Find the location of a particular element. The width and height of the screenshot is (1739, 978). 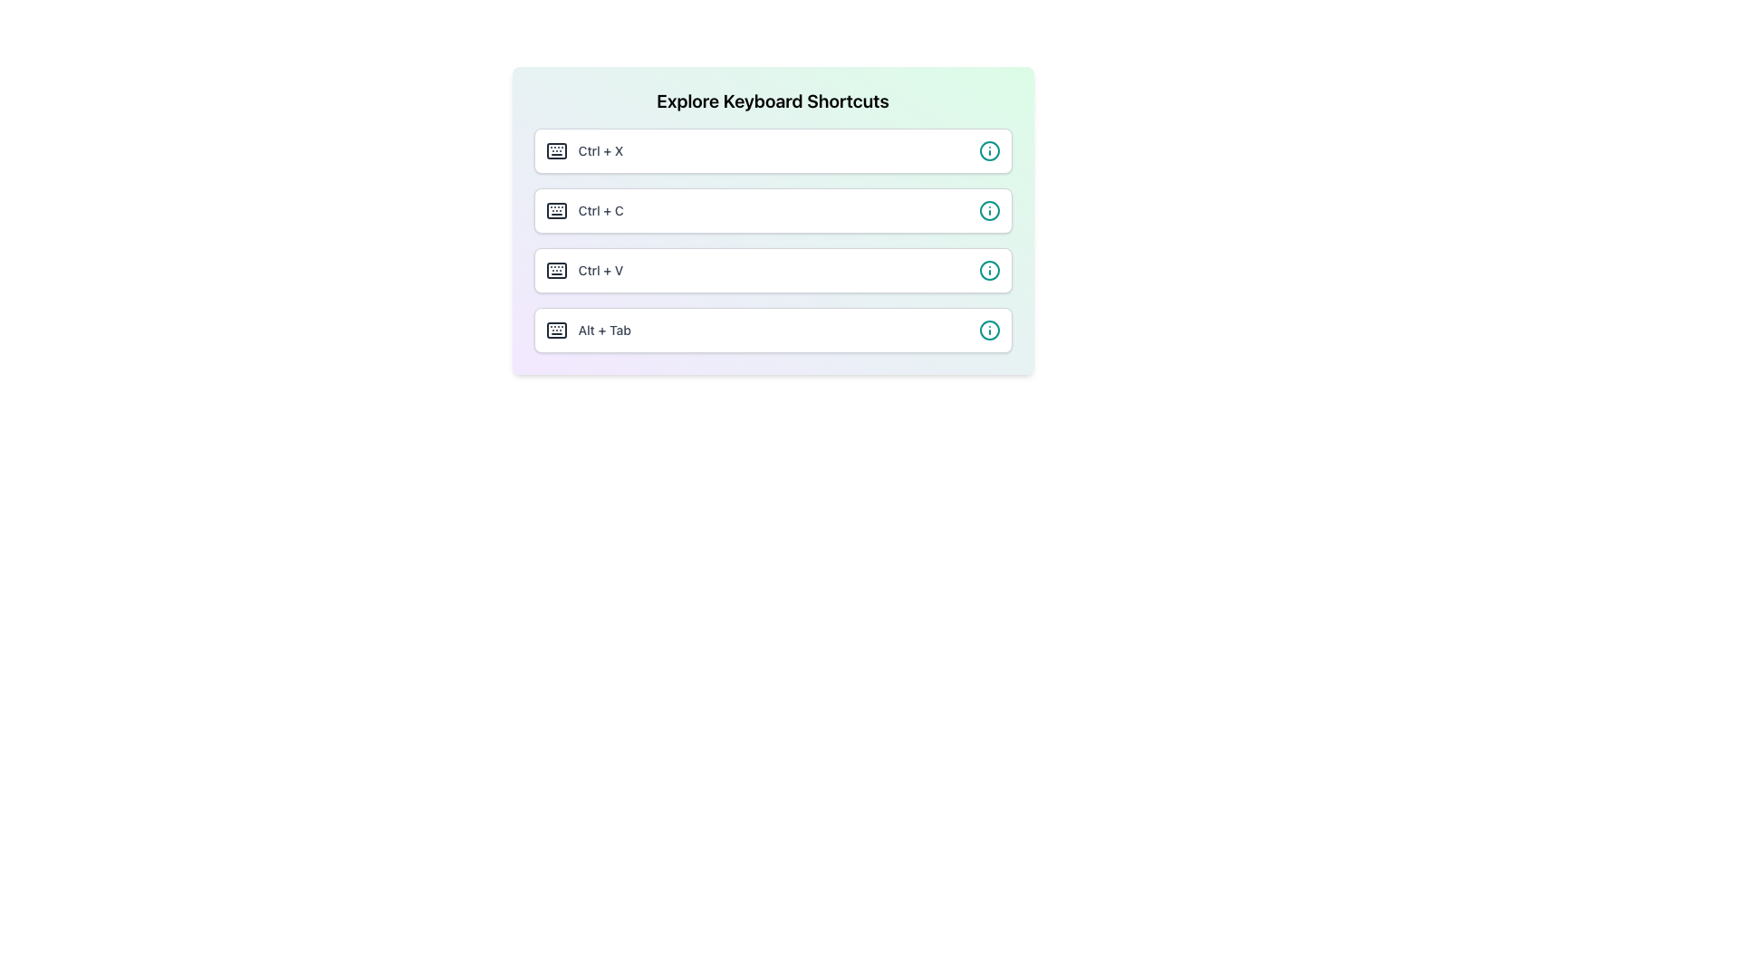

the text label that displays the keyboard shortcut 'Ctrl + C', located in the second row of the keyboard shortcut descriptions list is located at coordinates (600, 209).